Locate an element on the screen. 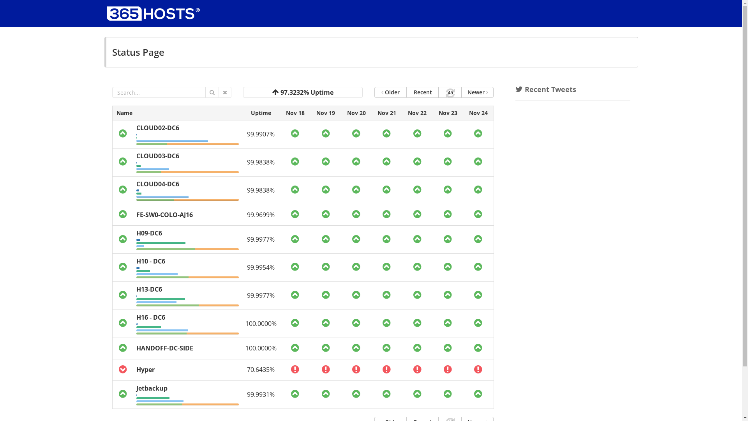  'Jetbackup' is located at coordinates (152, 388).